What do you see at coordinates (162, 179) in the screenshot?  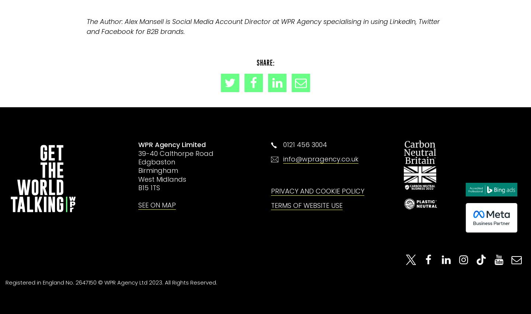 I see `'West Midlands'` at bounding box center [162, 179].